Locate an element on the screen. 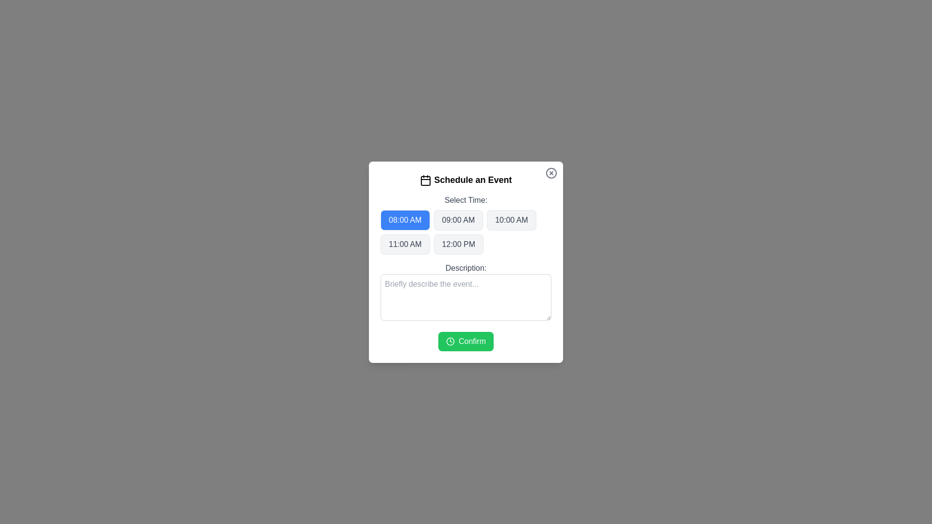 This screenshot has width=932, height=524. the Button group arranged in a grid layout below the label 'Select Time:' using keyboard tab/arrow keys is located at coordinates (466, 232).